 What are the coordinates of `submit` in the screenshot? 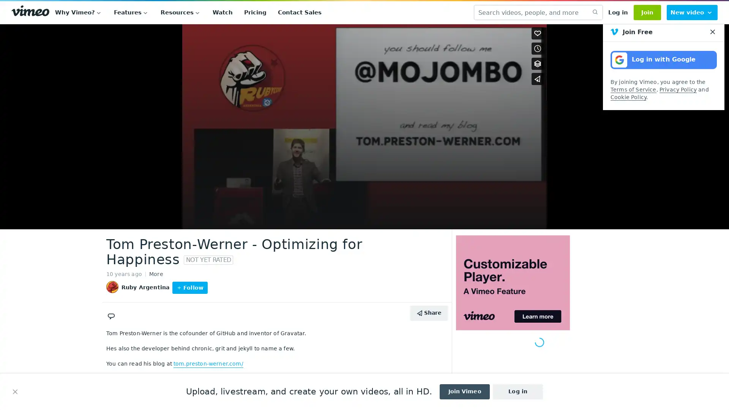 It's located at (594, 13).